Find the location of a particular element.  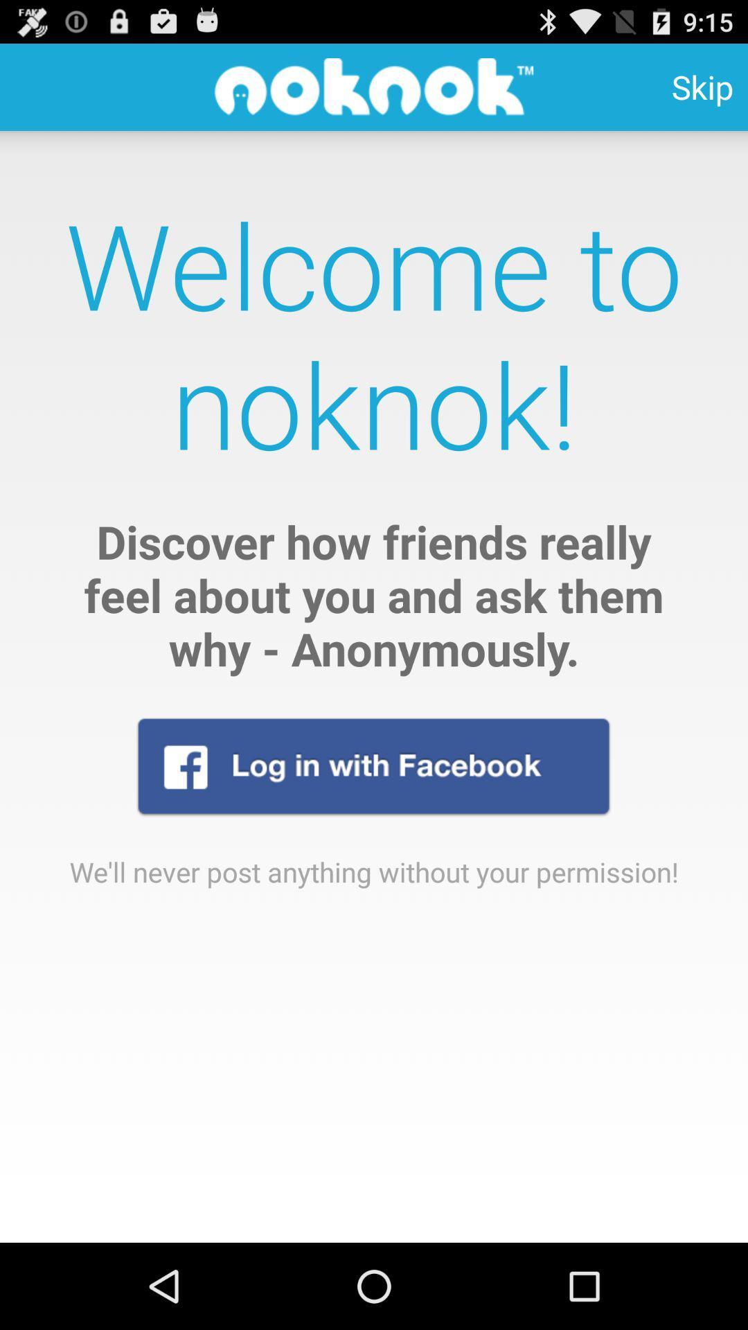

the icon above welcome to noknok! icon is located at coordinates (702, 86).